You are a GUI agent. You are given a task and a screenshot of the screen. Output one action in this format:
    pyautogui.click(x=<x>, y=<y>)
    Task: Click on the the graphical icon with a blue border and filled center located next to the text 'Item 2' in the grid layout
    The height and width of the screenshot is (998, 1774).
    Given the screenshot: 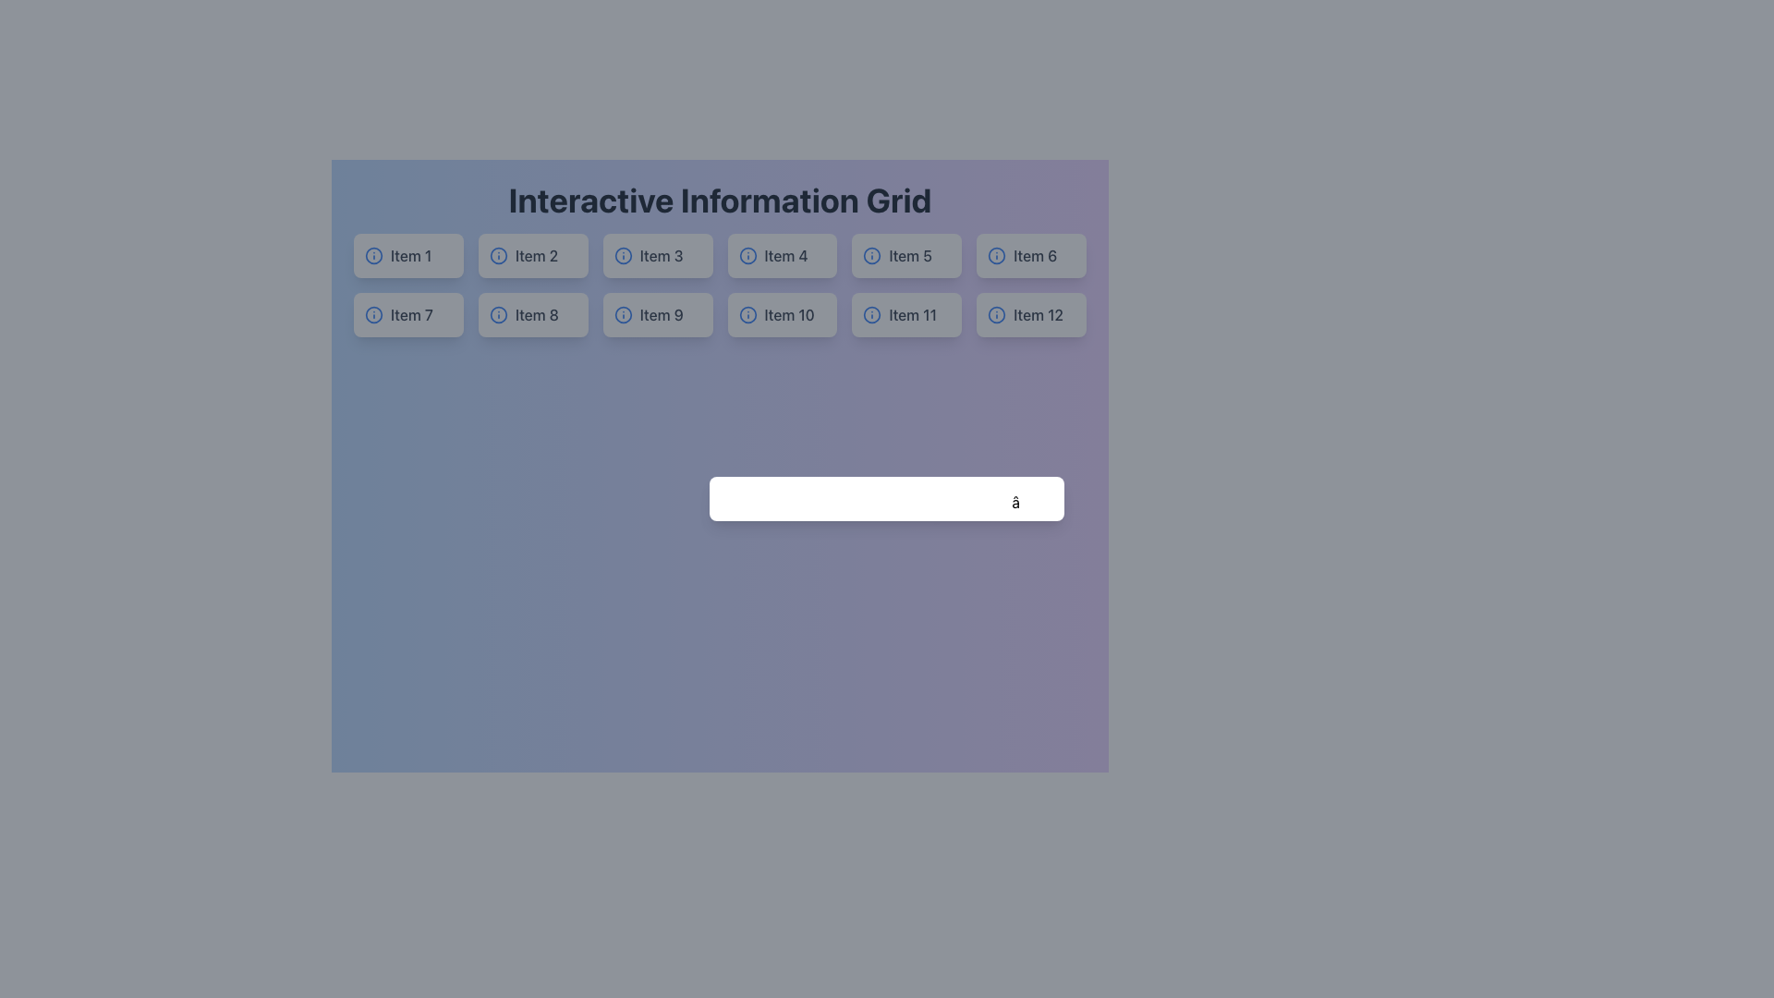 What is the action you would take?
    pyautogui.click(x=498, y=256)
    